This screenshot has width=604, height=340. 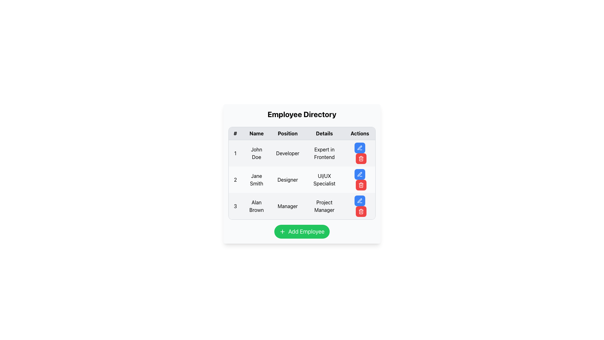 I want to click on the second button, so click(x=360, y=153).